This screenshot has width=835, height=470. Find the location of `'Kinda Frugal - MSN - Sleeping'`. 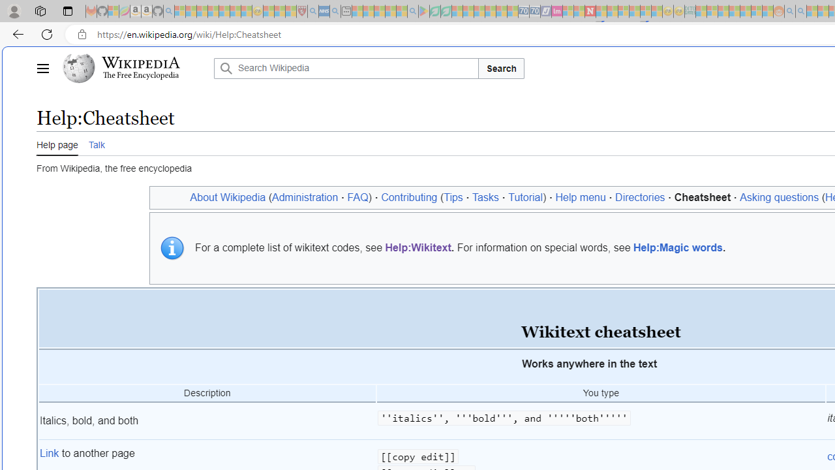

'Kinda Frugal - MSN - Sleeping' is located at coordinates (746, 11).